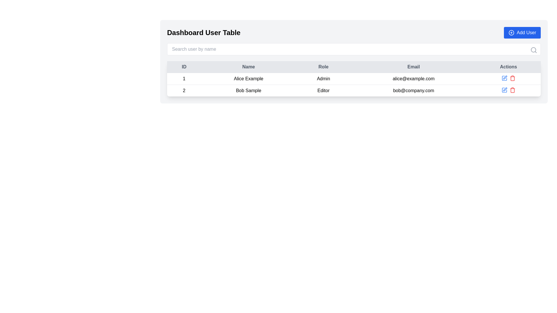 Image resolution: width=557 pixels, height=313 pixels. I want to click on the 'Role' text label, which is the third column header in a five-column table header row, positioned between the 'Name' and 'Email' column headers, so click(323, 67).